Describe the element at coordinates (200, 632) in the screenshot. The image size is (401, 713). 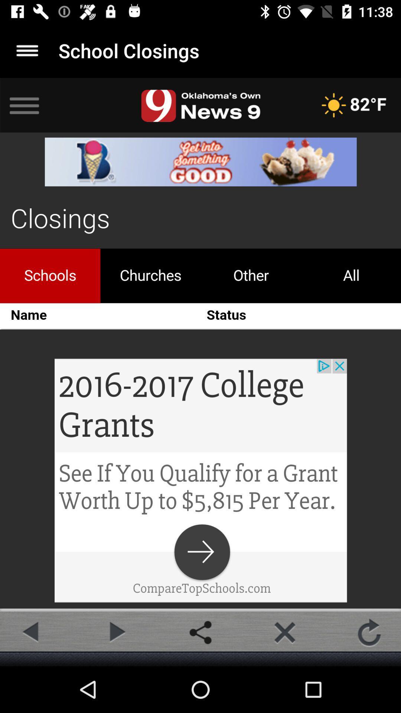
I see `gallery` at that location.